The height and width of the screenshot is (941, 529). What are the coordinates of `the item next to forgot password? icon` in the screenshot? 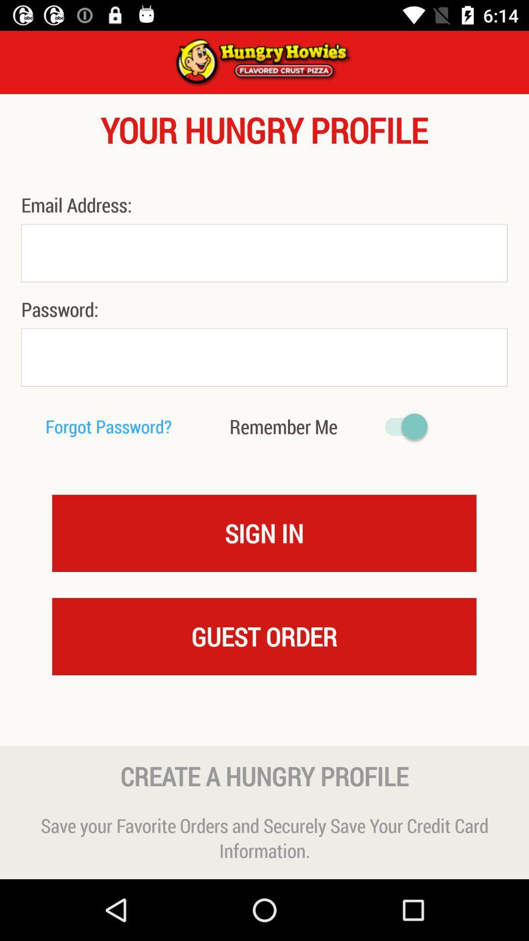 It's located at (283, 426).